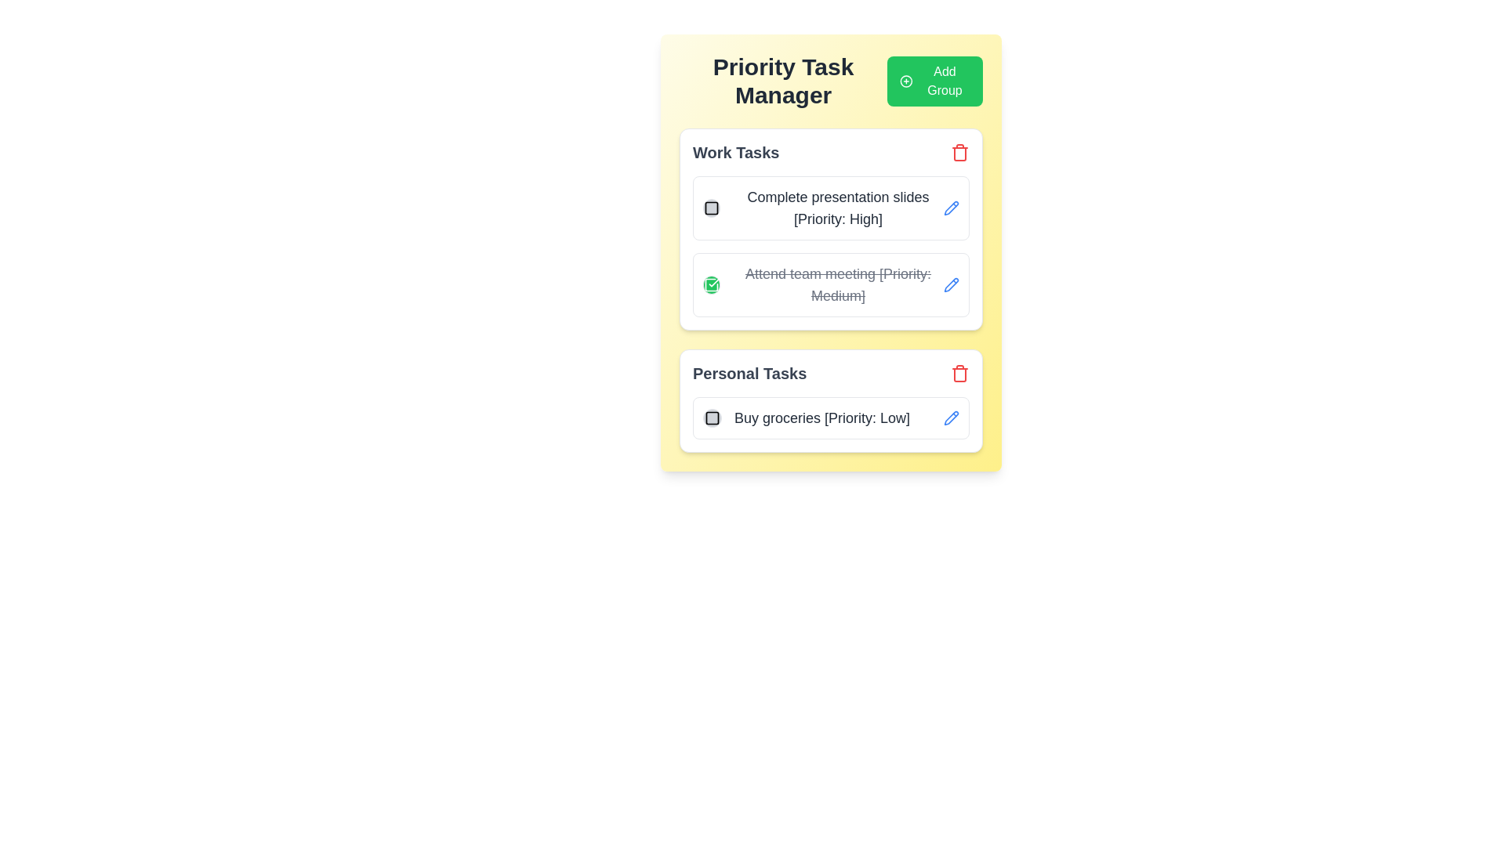 This screenshot has width=1505, height=846. Describe the element at coordinates (951, 284) in the screenshot. I see `the Icon button located in the 'Work Tasks' and 'Personal Tasks' section to initiate an edit action for the associated task item` at that location.